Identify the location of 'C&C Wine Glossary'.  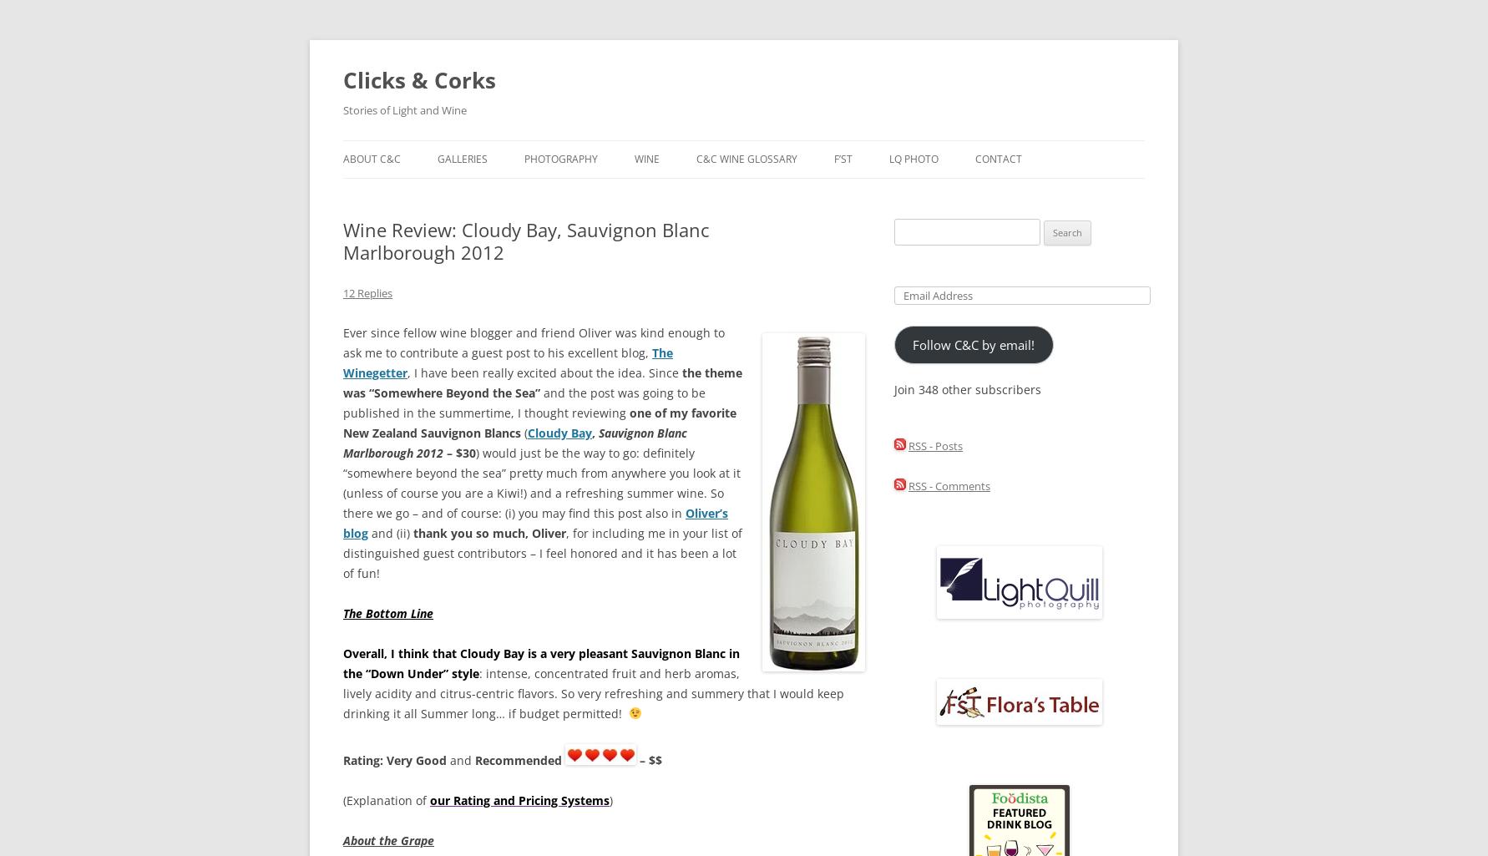
(747, 159).